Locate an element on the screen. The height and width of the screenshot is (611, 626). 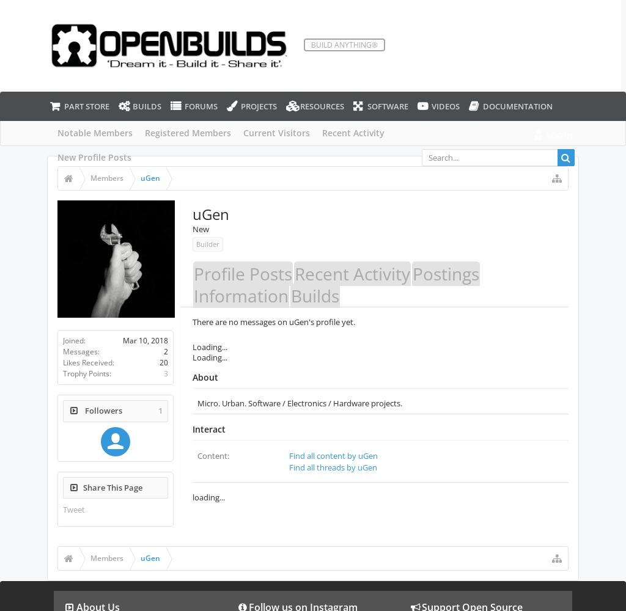
'Joined:' is located at coordinates (73, 340).